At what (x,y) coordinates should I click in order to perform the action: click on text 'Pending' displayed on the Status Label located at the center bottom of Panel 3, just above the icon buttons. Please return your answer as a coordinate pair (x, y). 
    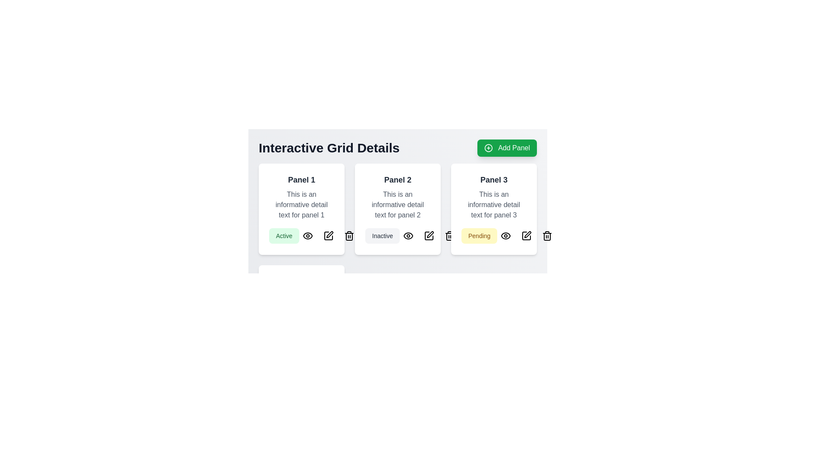
    Looking at the image, I should click on (479, 236).